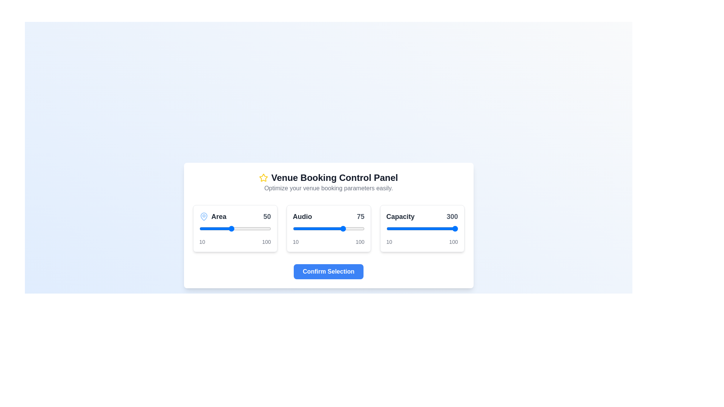 Image resolution: width=724 pixels, height=407 pixels. I want to click on the audio level, so click(318, 228).